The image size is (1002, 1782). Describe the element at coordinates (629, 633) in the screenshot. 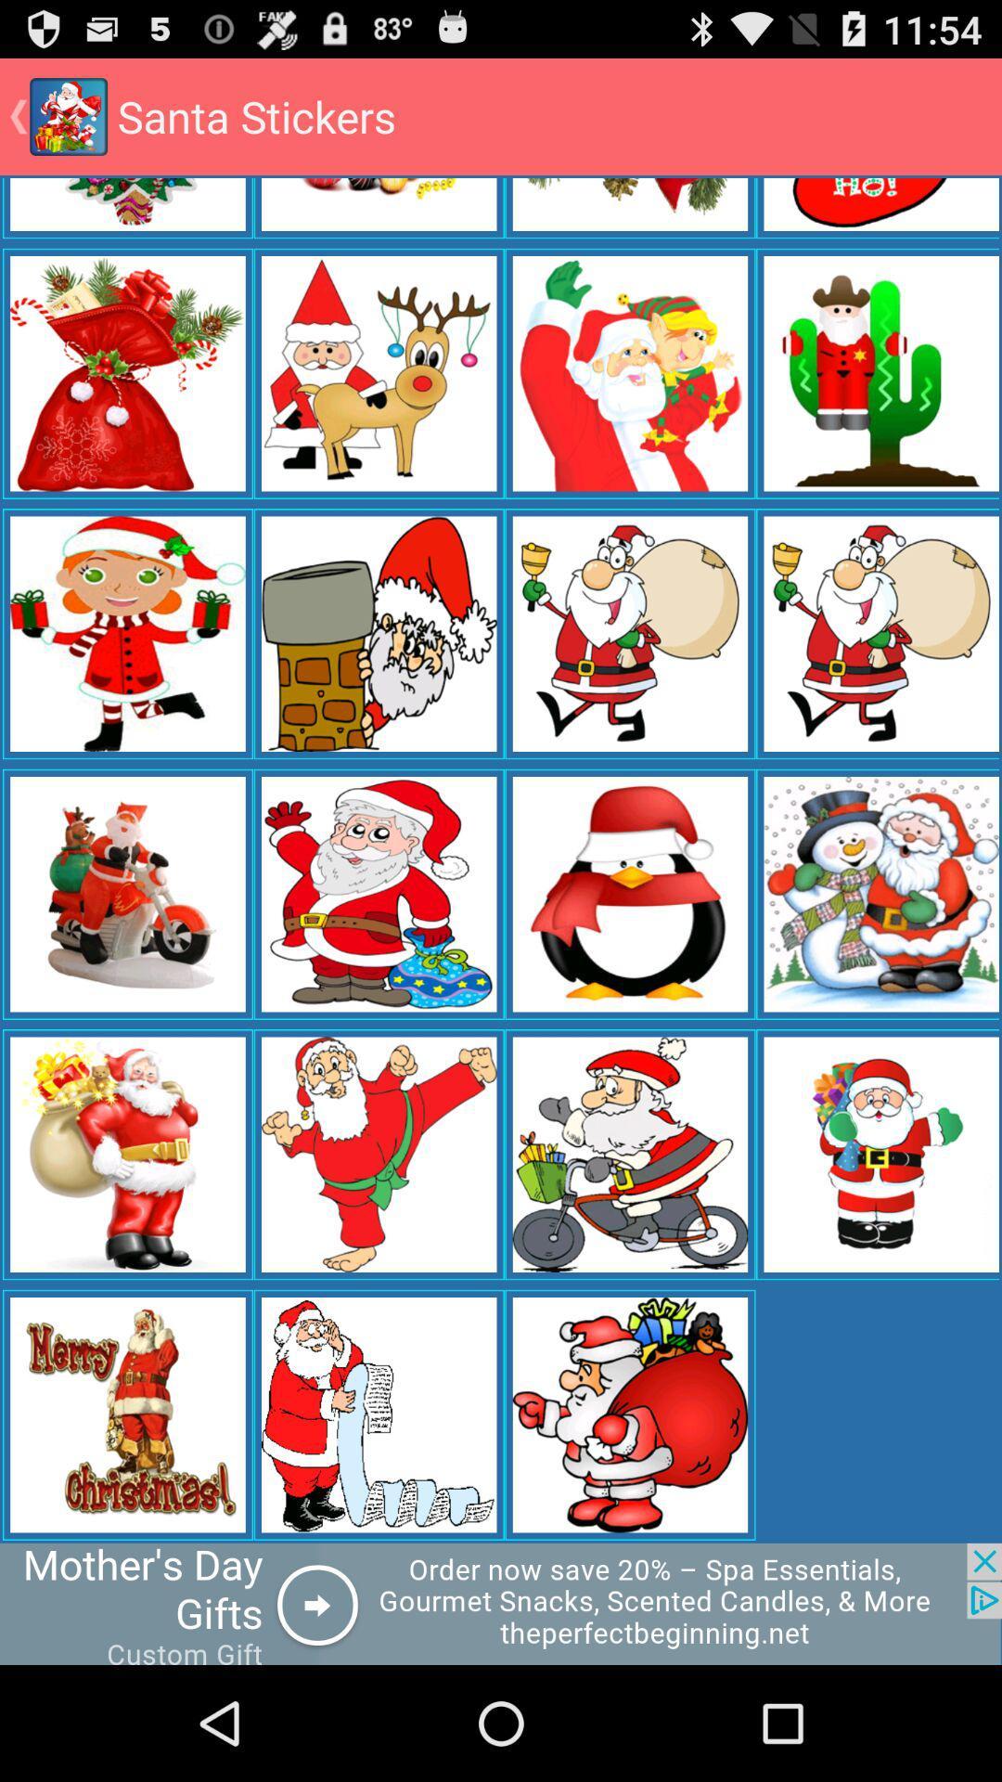

I see `the image in third column fourth row from the bottom` at that location.